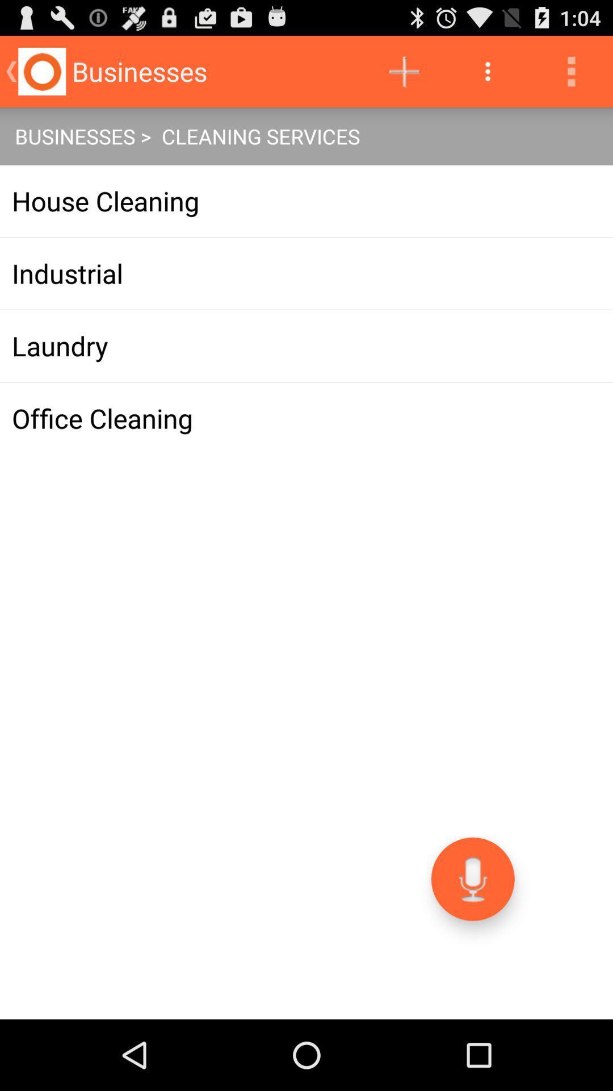  Describe the element at coordinates (306, 273) in the screenshot. I see `icon above the laundry item` at that location.